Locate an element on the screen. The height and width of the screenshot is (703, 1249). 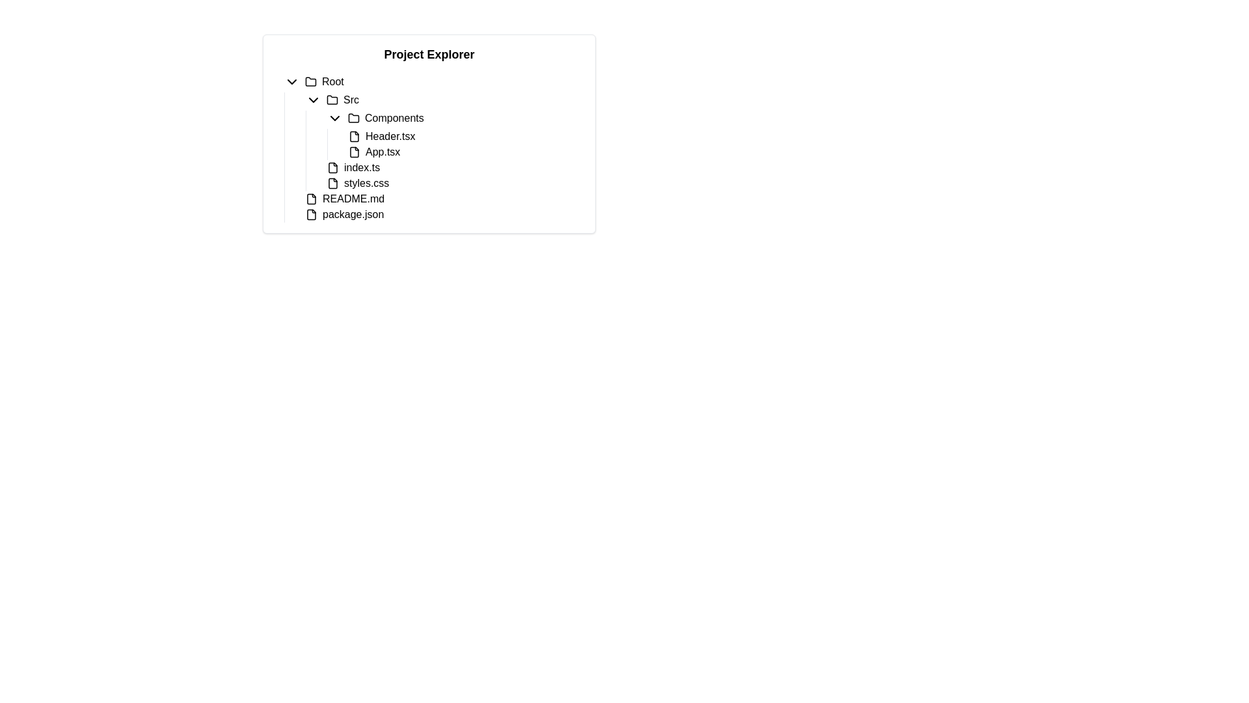
the folder icon located to the right of the chevron-down icon and to the left of the 'Root' text label in the hierarchical structure is located at coordinates (310, 82).